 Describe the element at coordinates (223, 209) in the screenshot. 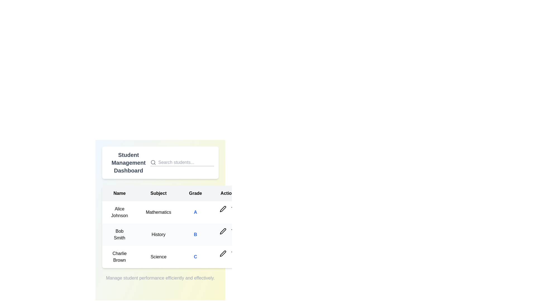

I see `the pen icon edit button located in the first row of the 'Actions' column to initiate editing` at that location.